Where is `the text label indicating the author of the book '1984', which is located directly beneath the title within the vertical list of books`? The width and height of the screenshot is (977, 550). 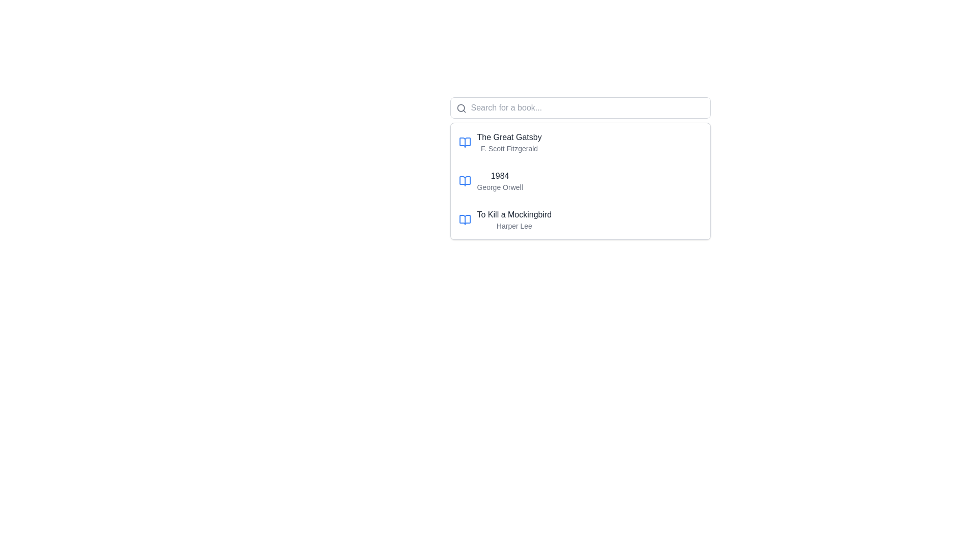 the text label indicating the author of the book '1984', which is located directly beneath the title within the vertical list of books is located at coordinates (500, 187).